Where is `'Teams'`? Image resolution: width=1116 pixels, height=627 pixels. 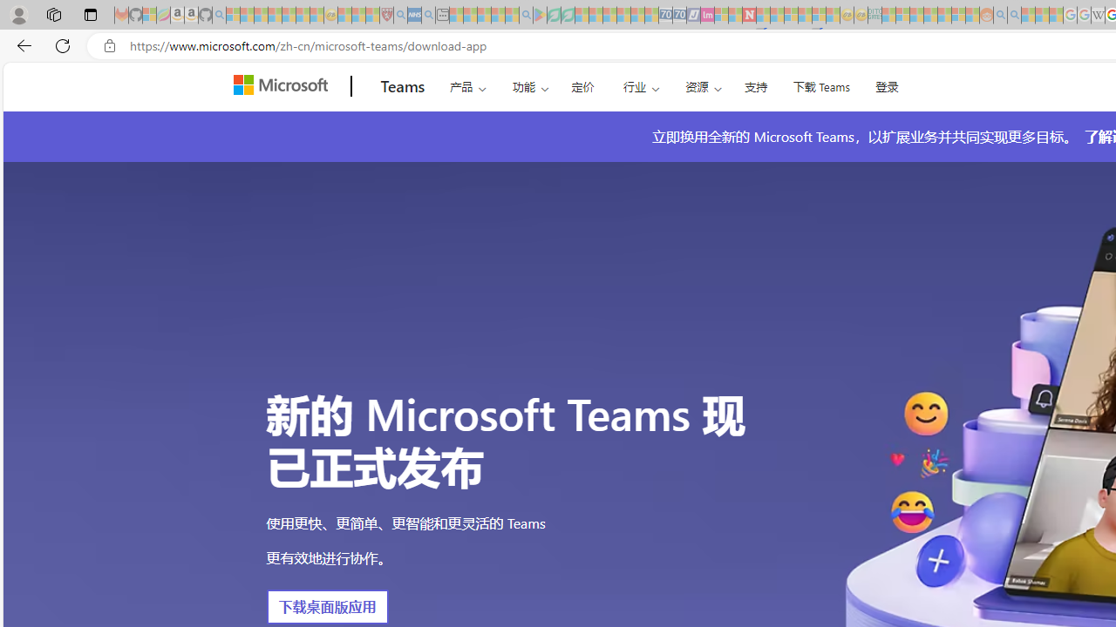 'Teams' is located at coordinates (402, 86).